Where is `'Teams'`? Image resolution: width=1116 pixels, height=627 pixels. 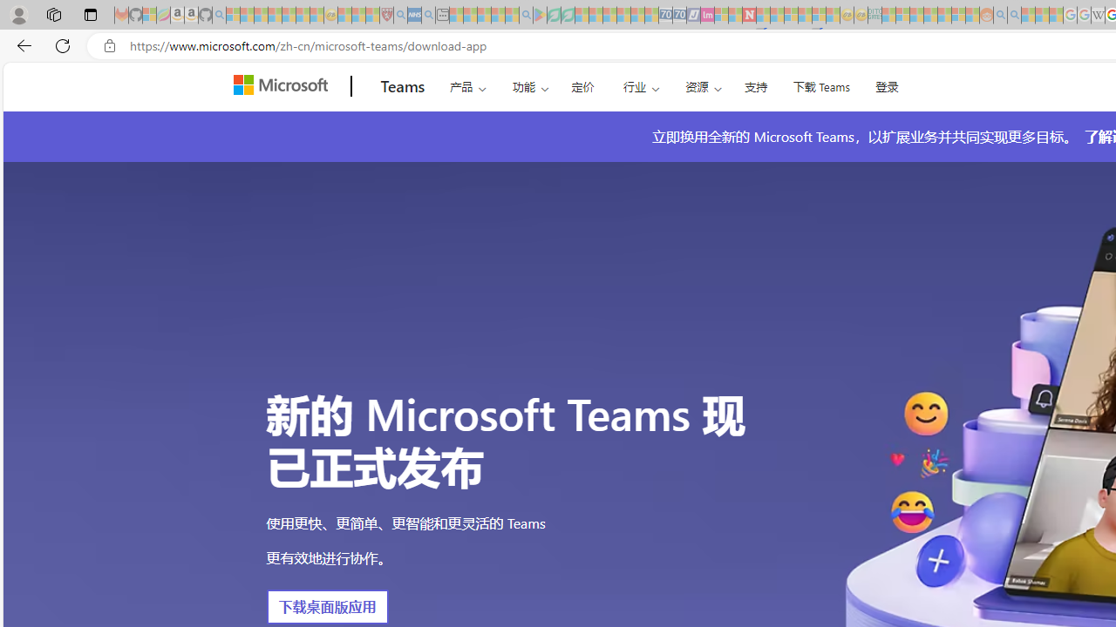 'Teams' is located at coordinates (402, 86).